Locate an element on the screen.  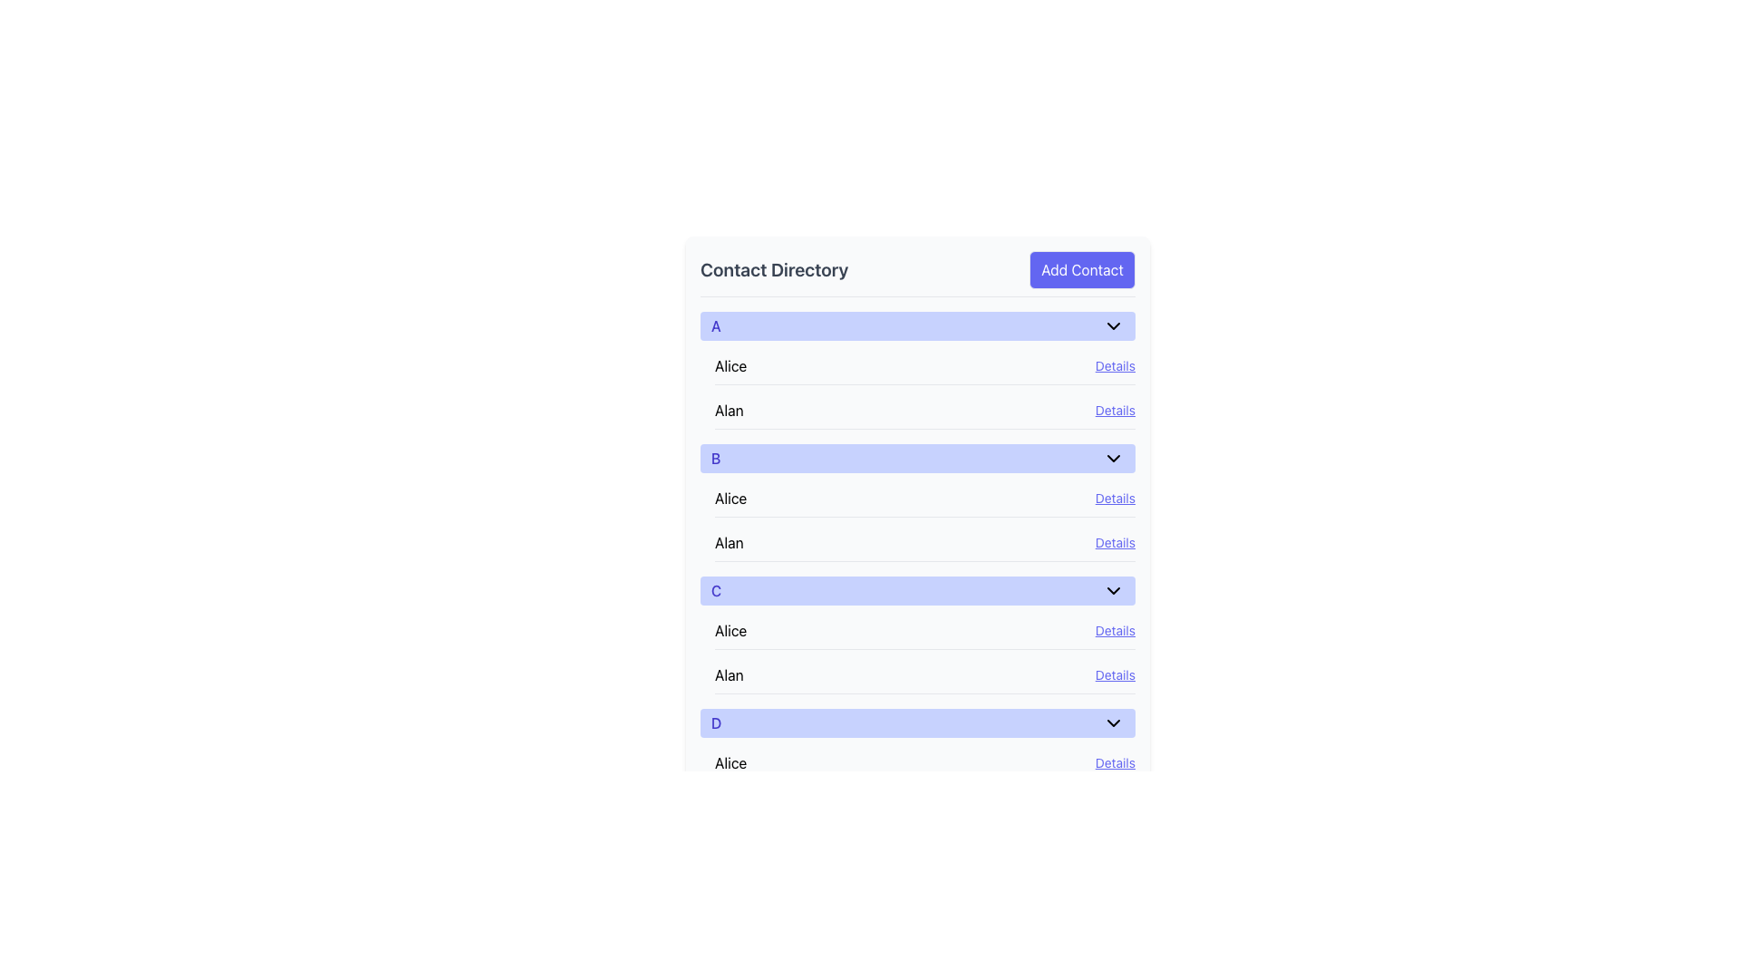
the toggle icon located in the rightmost part of the header labeled 'D', which is aligned vertically with the text is located at coordinates (1112, 722).